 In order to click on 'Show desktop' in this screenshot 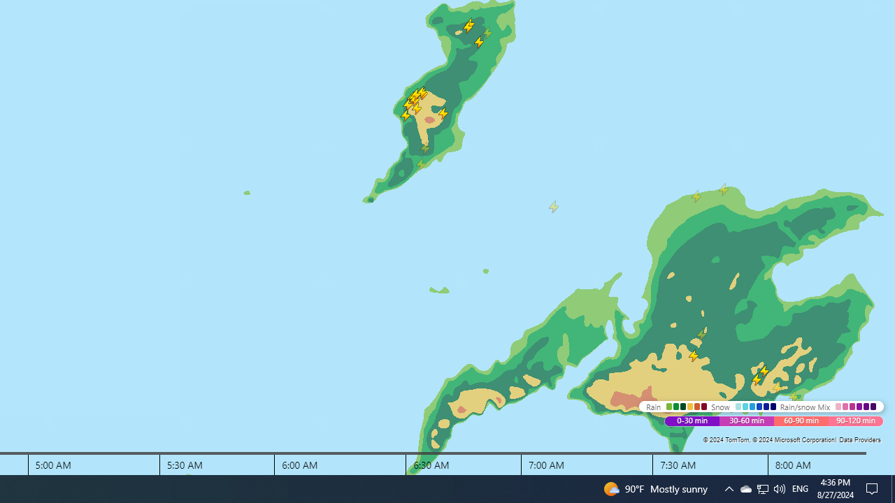, I will do `click(874, 488)`.